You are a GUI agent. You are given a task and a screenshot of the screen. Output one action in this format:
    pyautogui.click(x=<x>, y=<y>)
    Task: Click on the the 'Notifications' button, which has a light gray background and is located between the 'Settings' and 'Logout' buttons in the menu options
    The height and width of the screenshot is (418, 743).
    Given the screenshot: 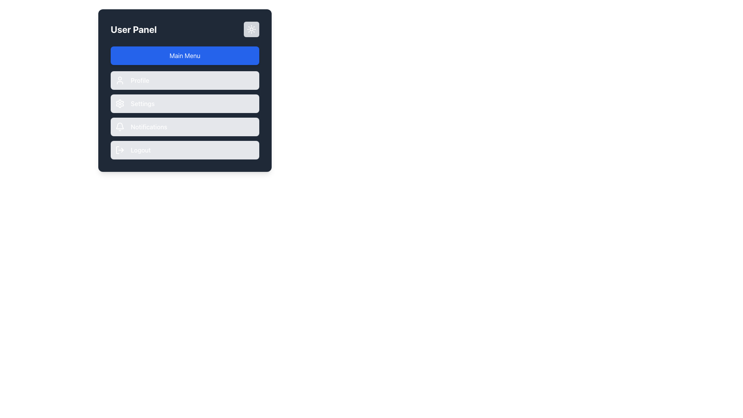 What is the action you would take?
    pyautogui.click(x=185, y=126)
    